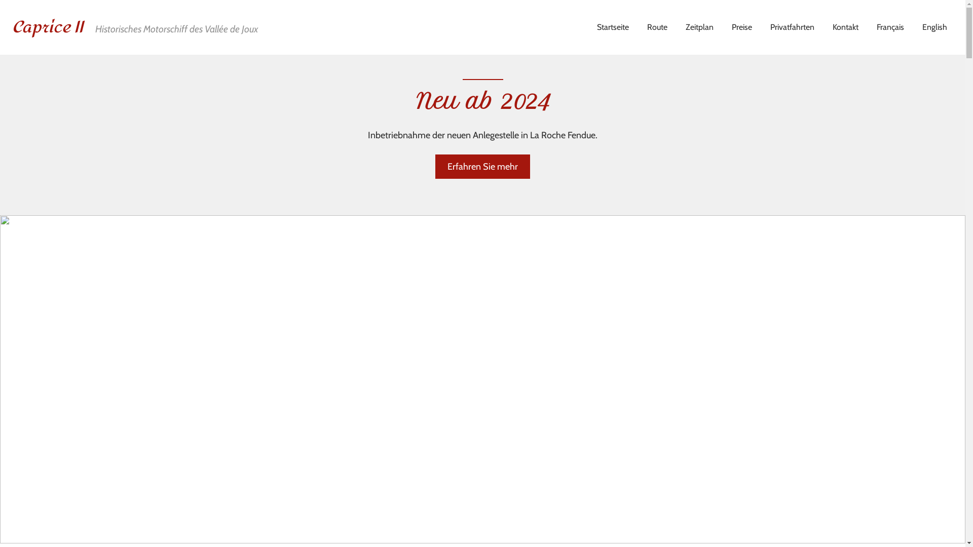 The image size is (973, 547). What do you see at coordinates (725, 27) in the screenshot?
I see `'Preise'` at bounding box center [725, 27].